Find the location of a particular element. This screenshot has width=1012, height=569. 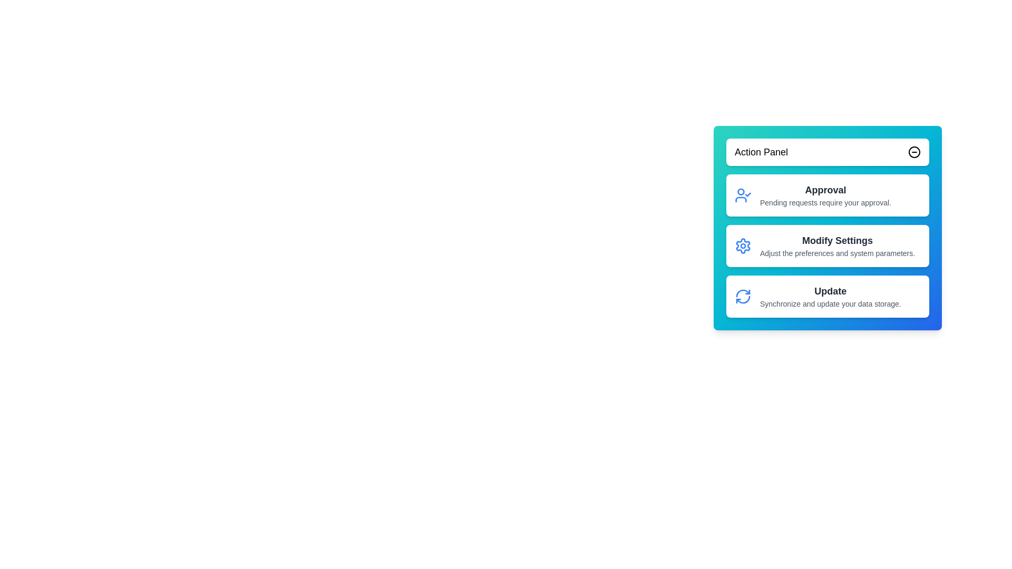

the 'Action Panel' button to toggle the visibility of the action panel is located at coordinates (827, 152).